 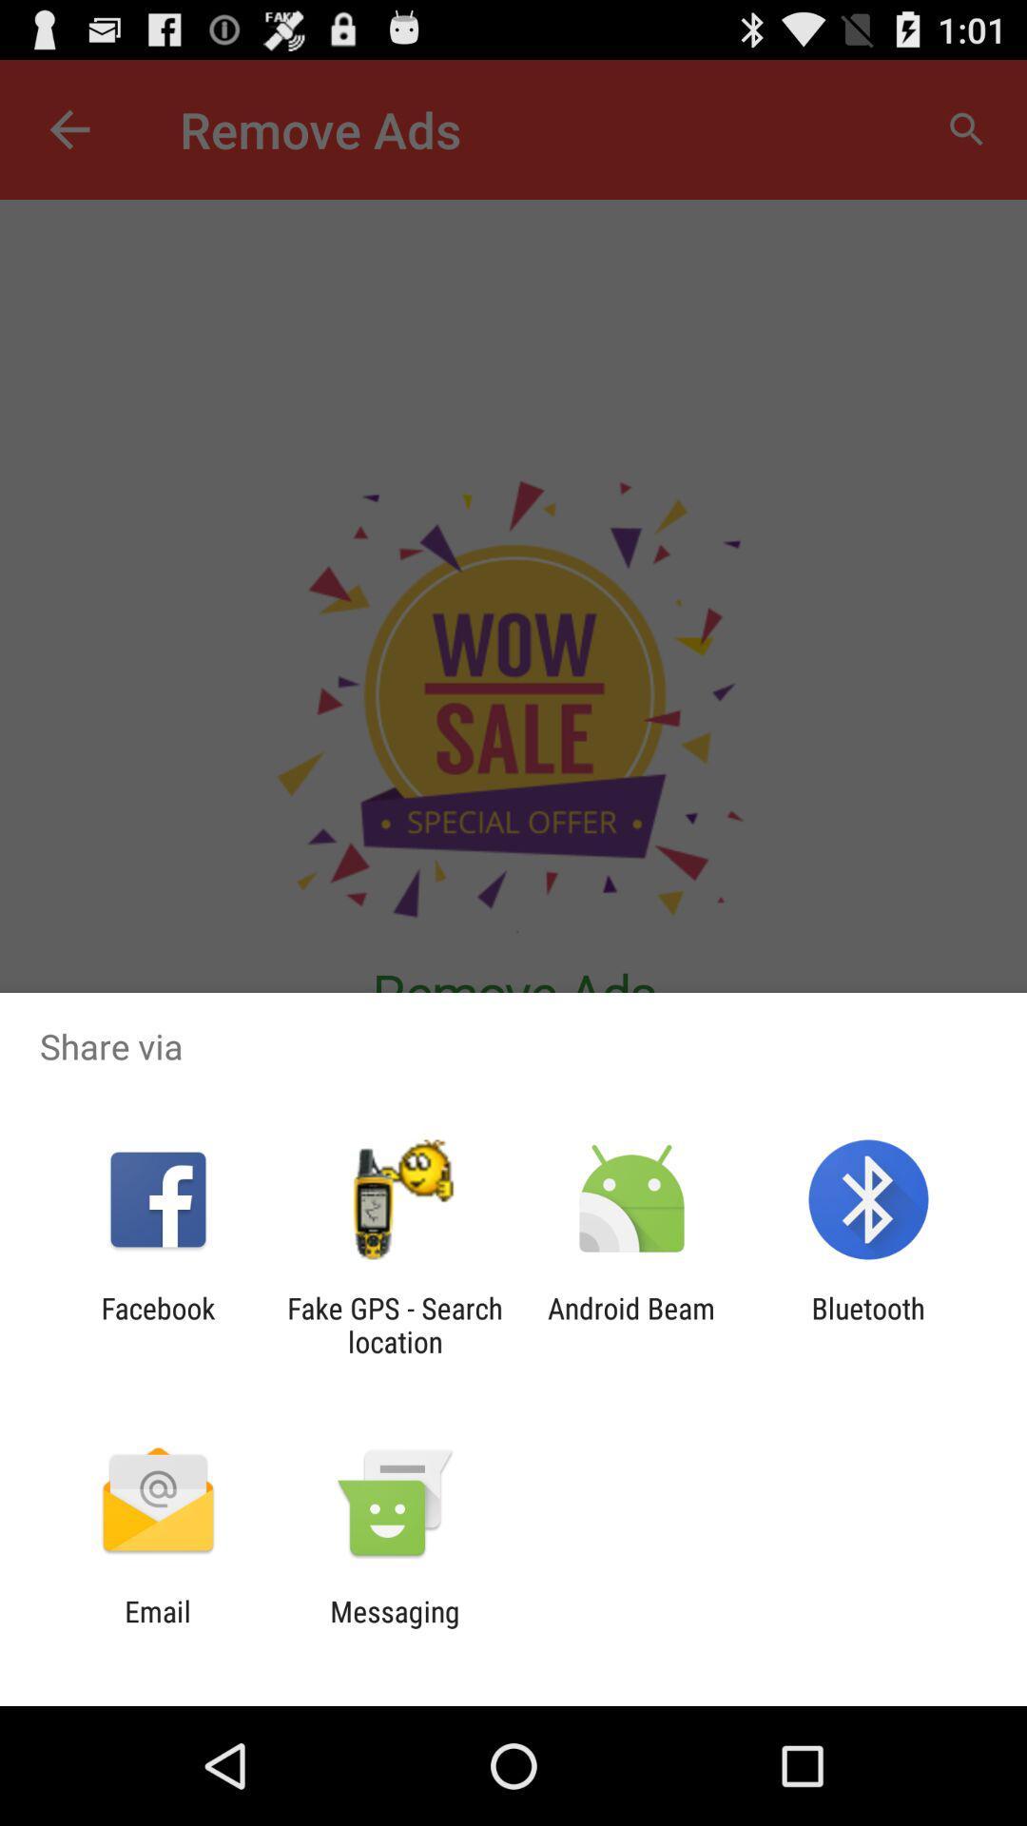 I want to click on messaging item, so click(x=394, y=1627).